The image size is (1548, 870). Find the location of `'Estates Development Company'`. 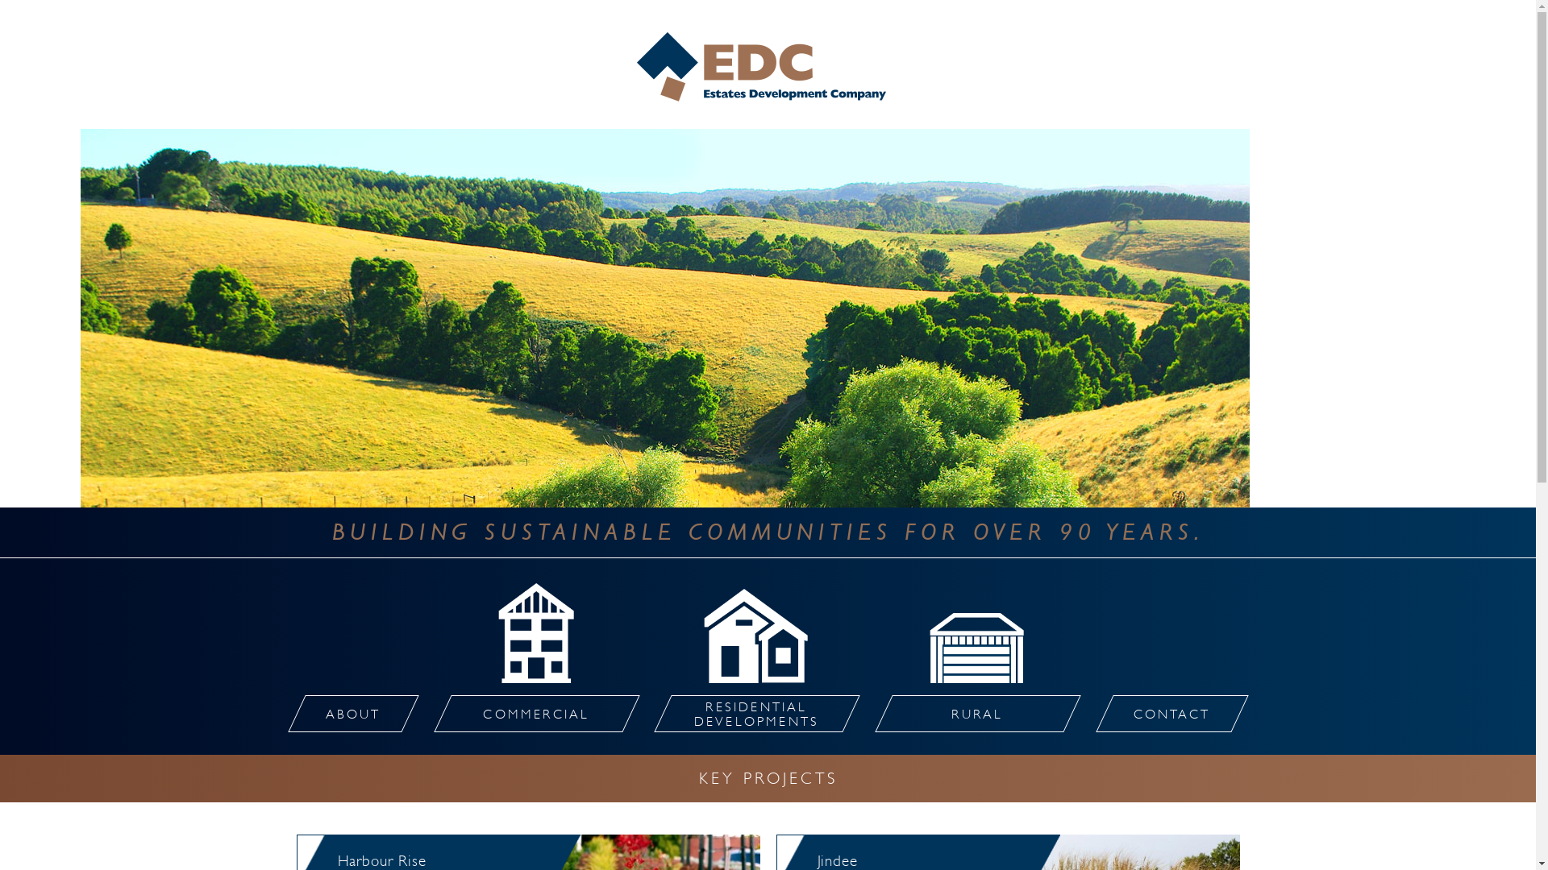

'Estates Development Company' is located at coordinates (768, 66).